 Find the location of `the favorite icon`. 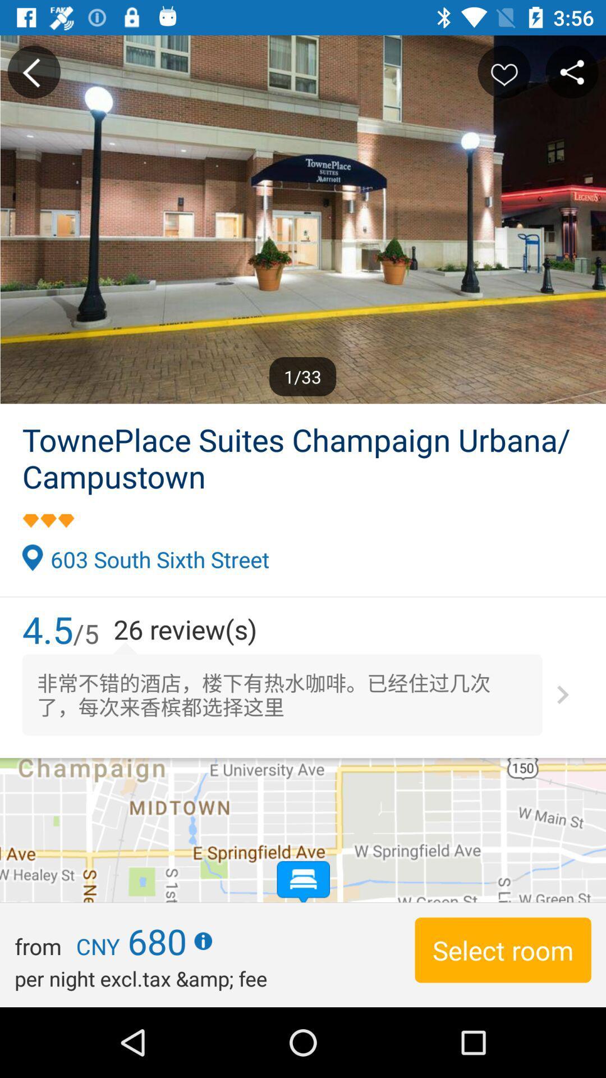

the favorite icon is located at coordinates (503, 71).